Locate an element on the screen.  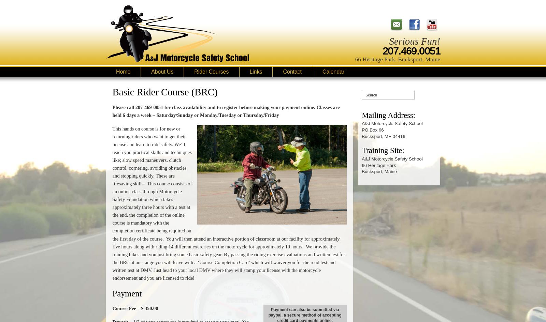
'Contact' is located at coordinates (282, 71).